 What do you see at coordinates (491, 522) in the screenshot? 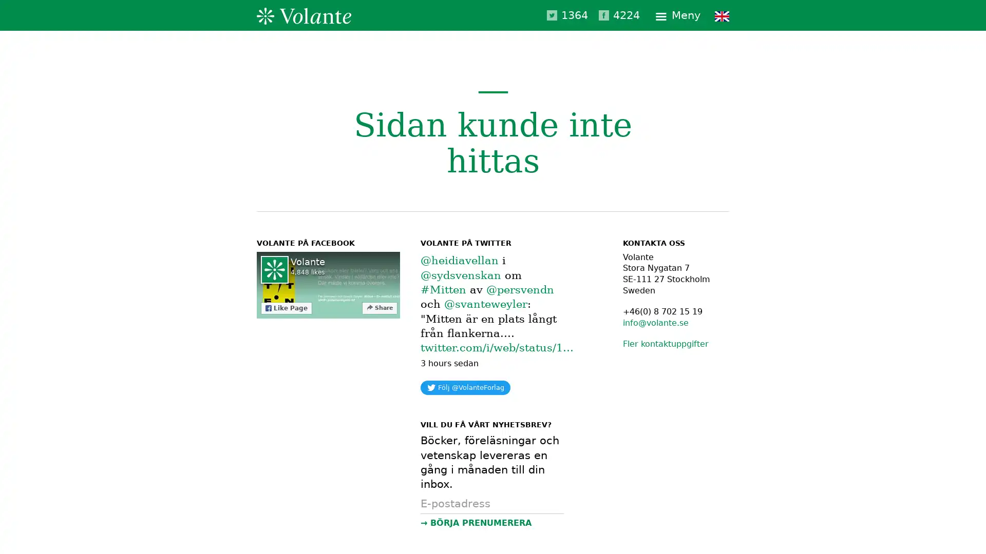
I see `Borja prenumerera` at bounding box center [491, 522].